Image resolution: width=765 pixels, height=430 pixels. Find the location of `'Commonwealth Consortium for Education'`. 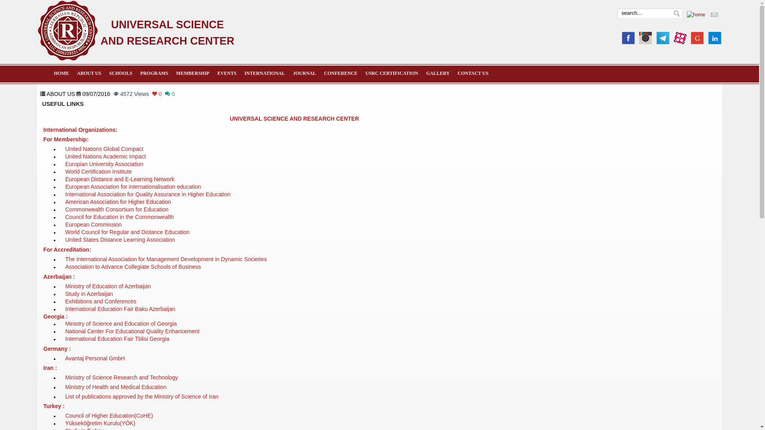

'Commonwealth Consortium for Education' is located at coordinates (116, 210).